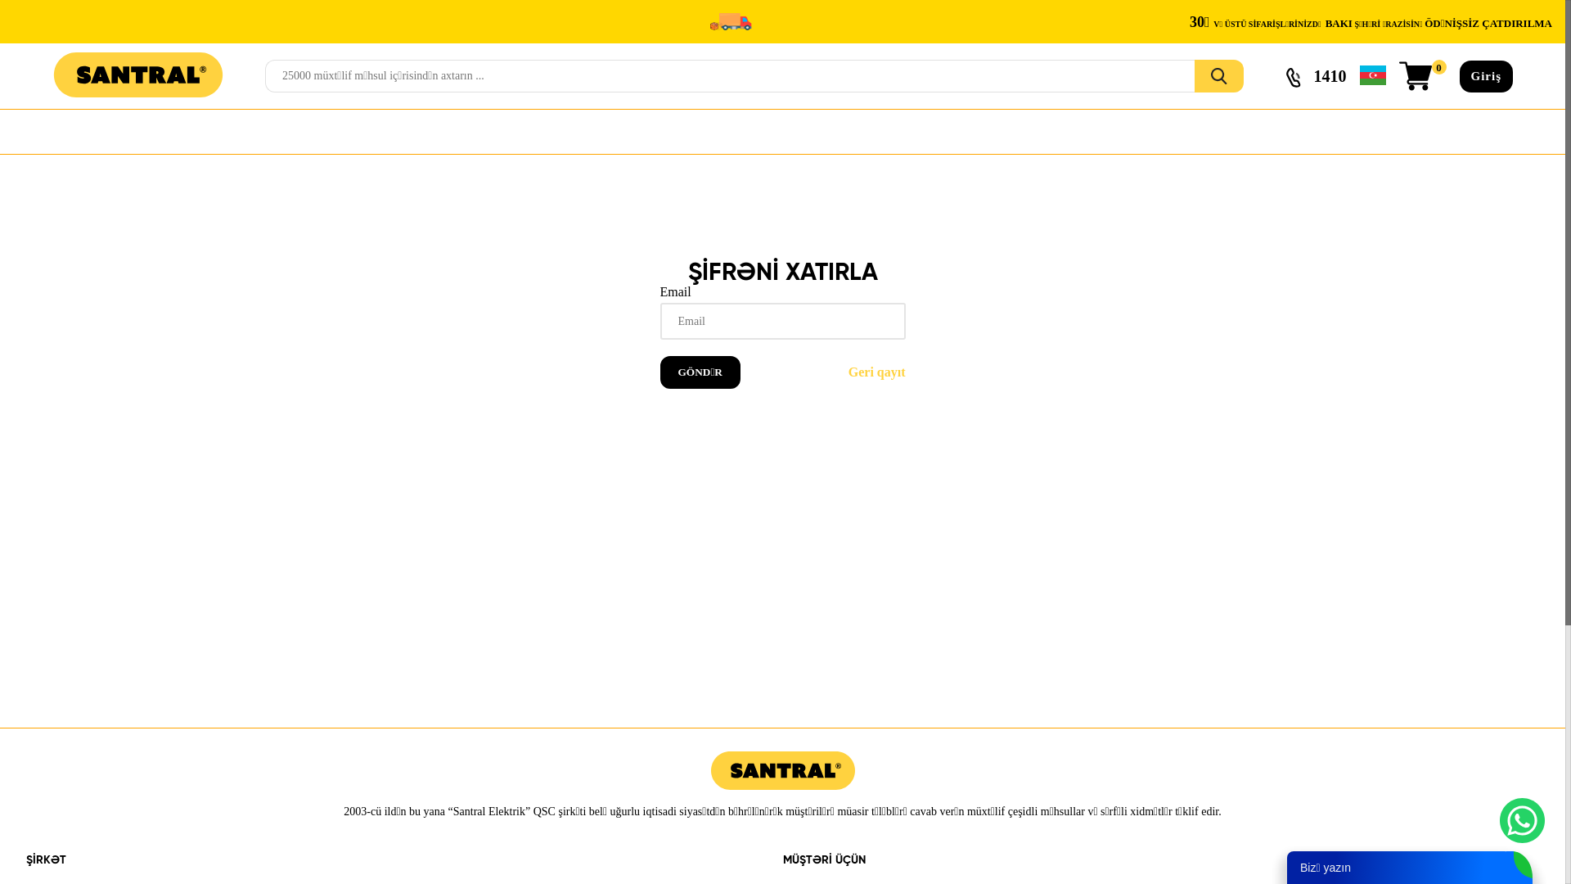 Image resolution: width=1571 pixels, height=884 pixels. I want to click on '1410', so click(1316, 76).